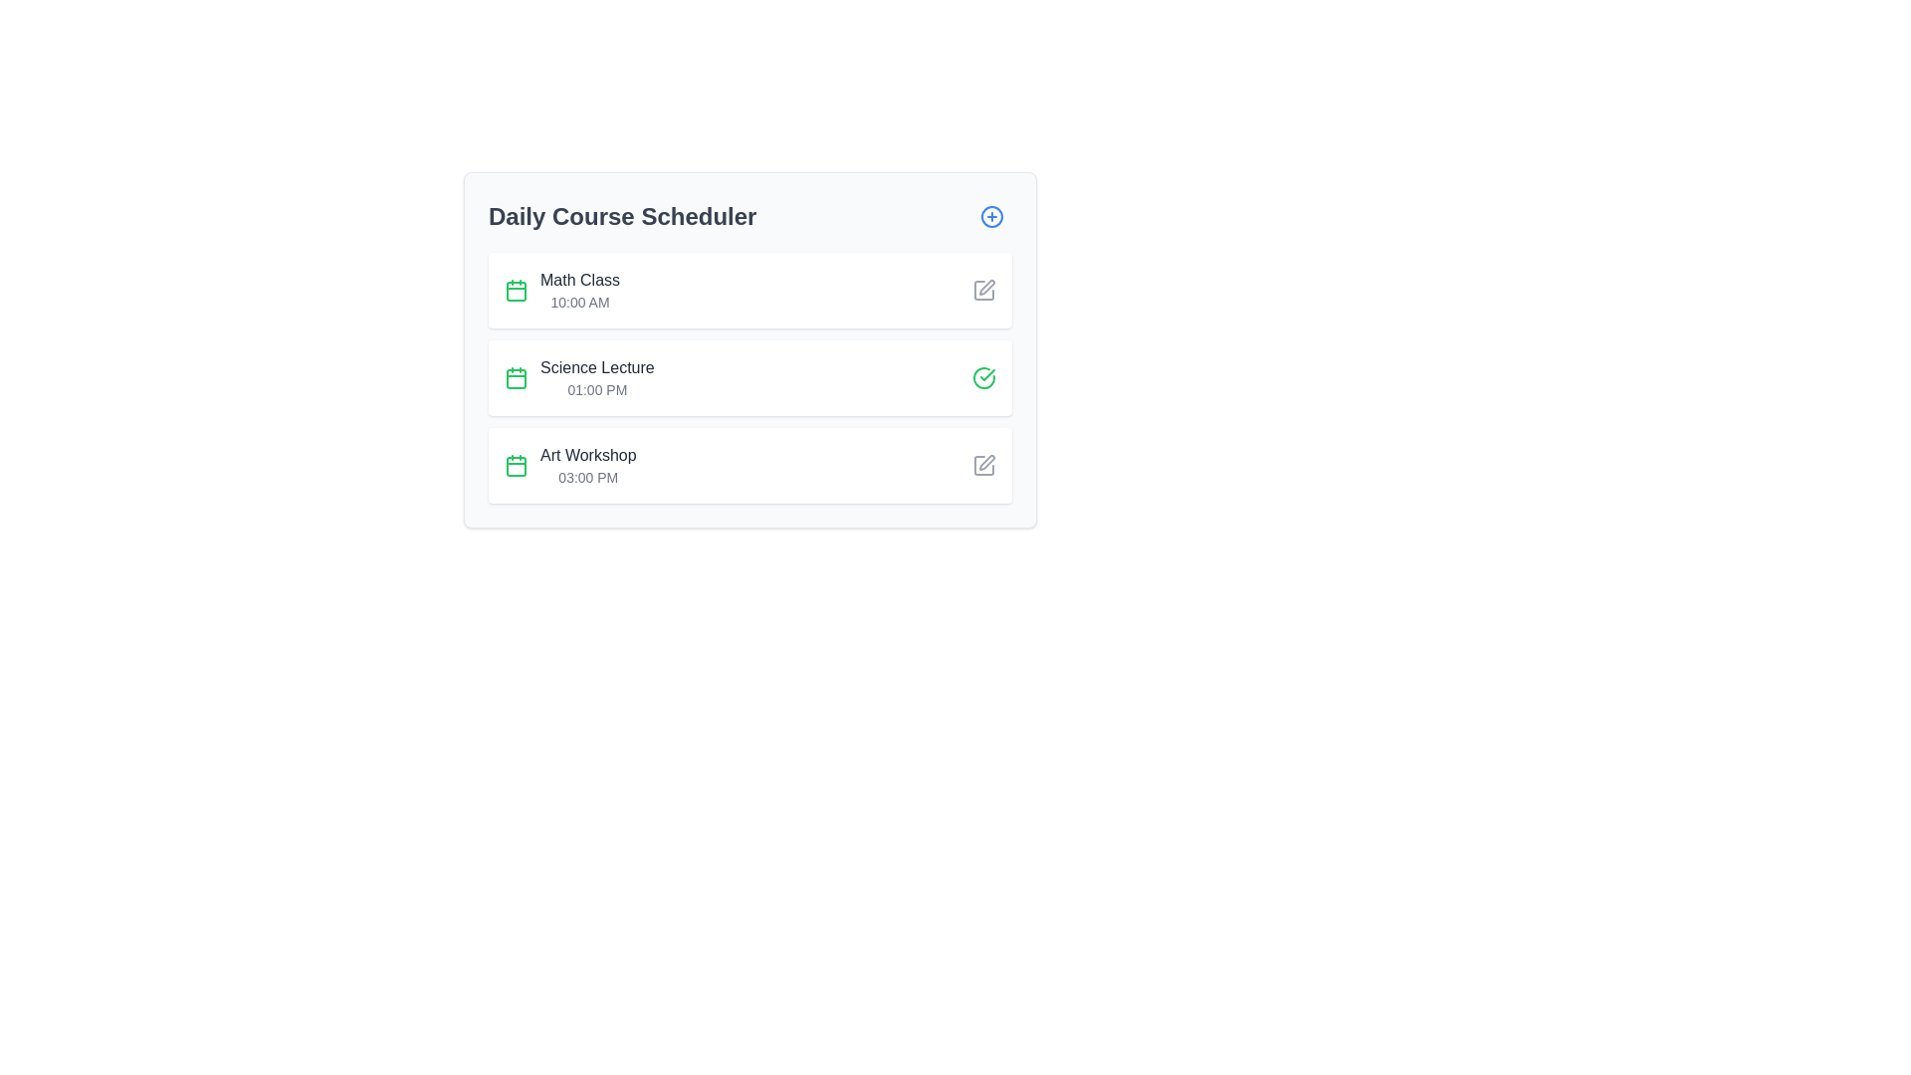 The height and width of the screenshot is (1075, 1911). Describe the element at coordinates (748, 378) in the screenshot. I see `the 'Science Lecture' event entry at 1:00 PM` at that location.